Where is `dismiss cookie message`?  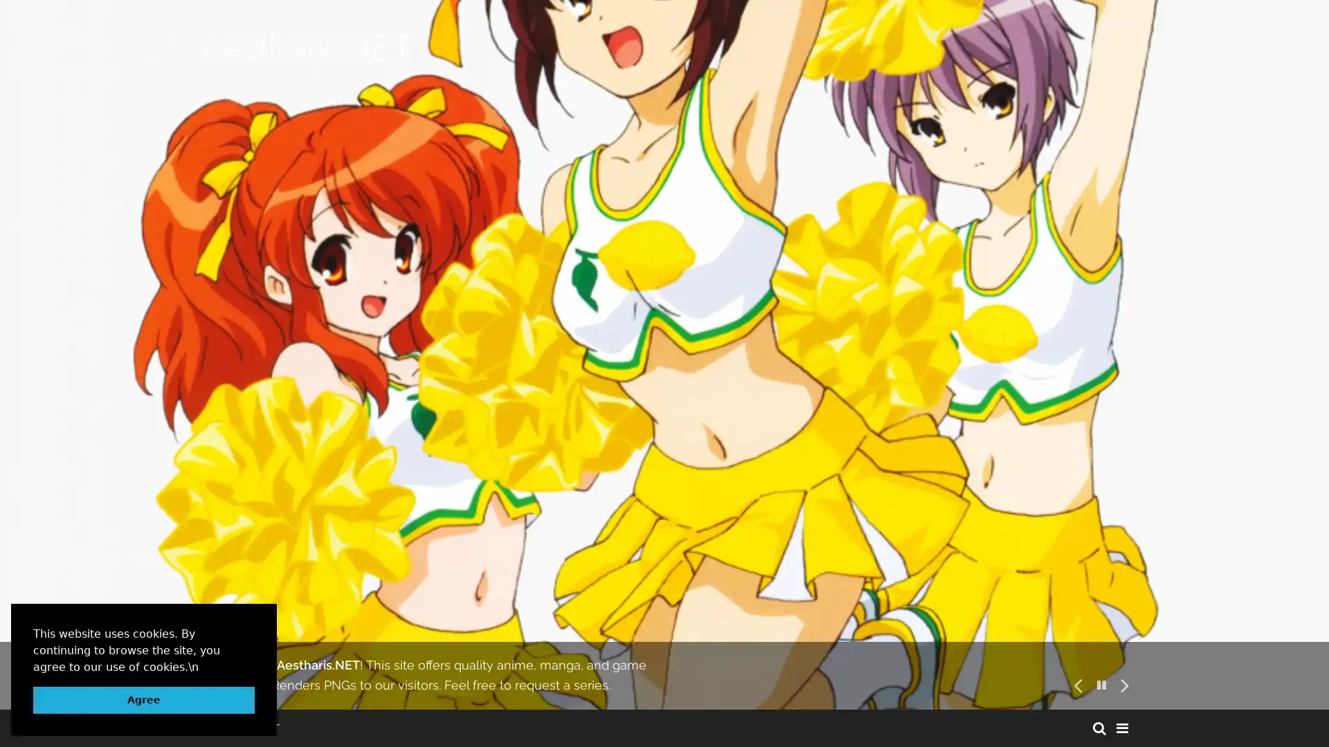 dismiss cookie message is located at coordinates (143, 699).